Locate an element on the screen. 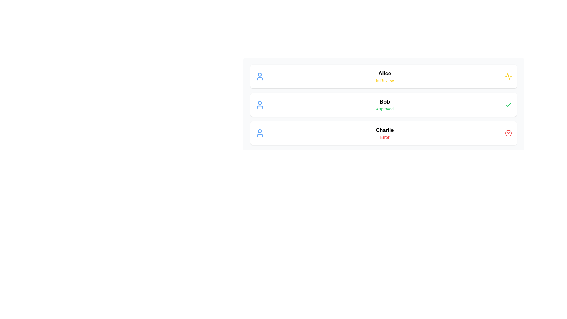 Image resolution: width=567 pixels, height=319 pixels. the green checkmark icon located at the far-right side of the 'Bob' row, next to the text labeled 'Approved' is located at coordinates (508, 104).